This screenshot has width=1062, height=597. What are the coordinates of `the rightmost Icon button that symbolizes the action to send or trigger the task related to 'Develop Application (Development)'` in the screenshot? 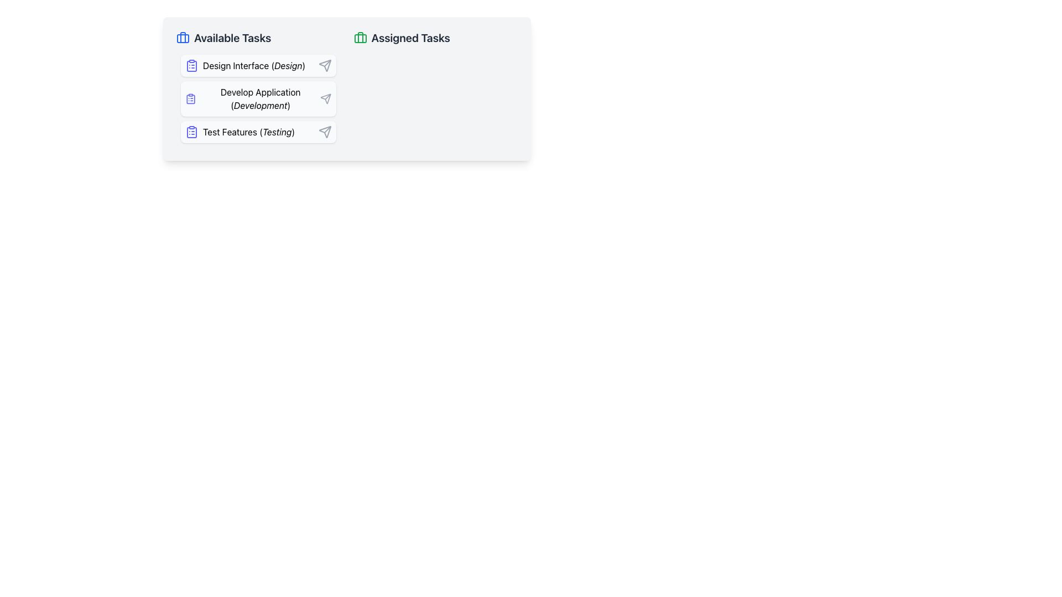 It's located at (325, 98).